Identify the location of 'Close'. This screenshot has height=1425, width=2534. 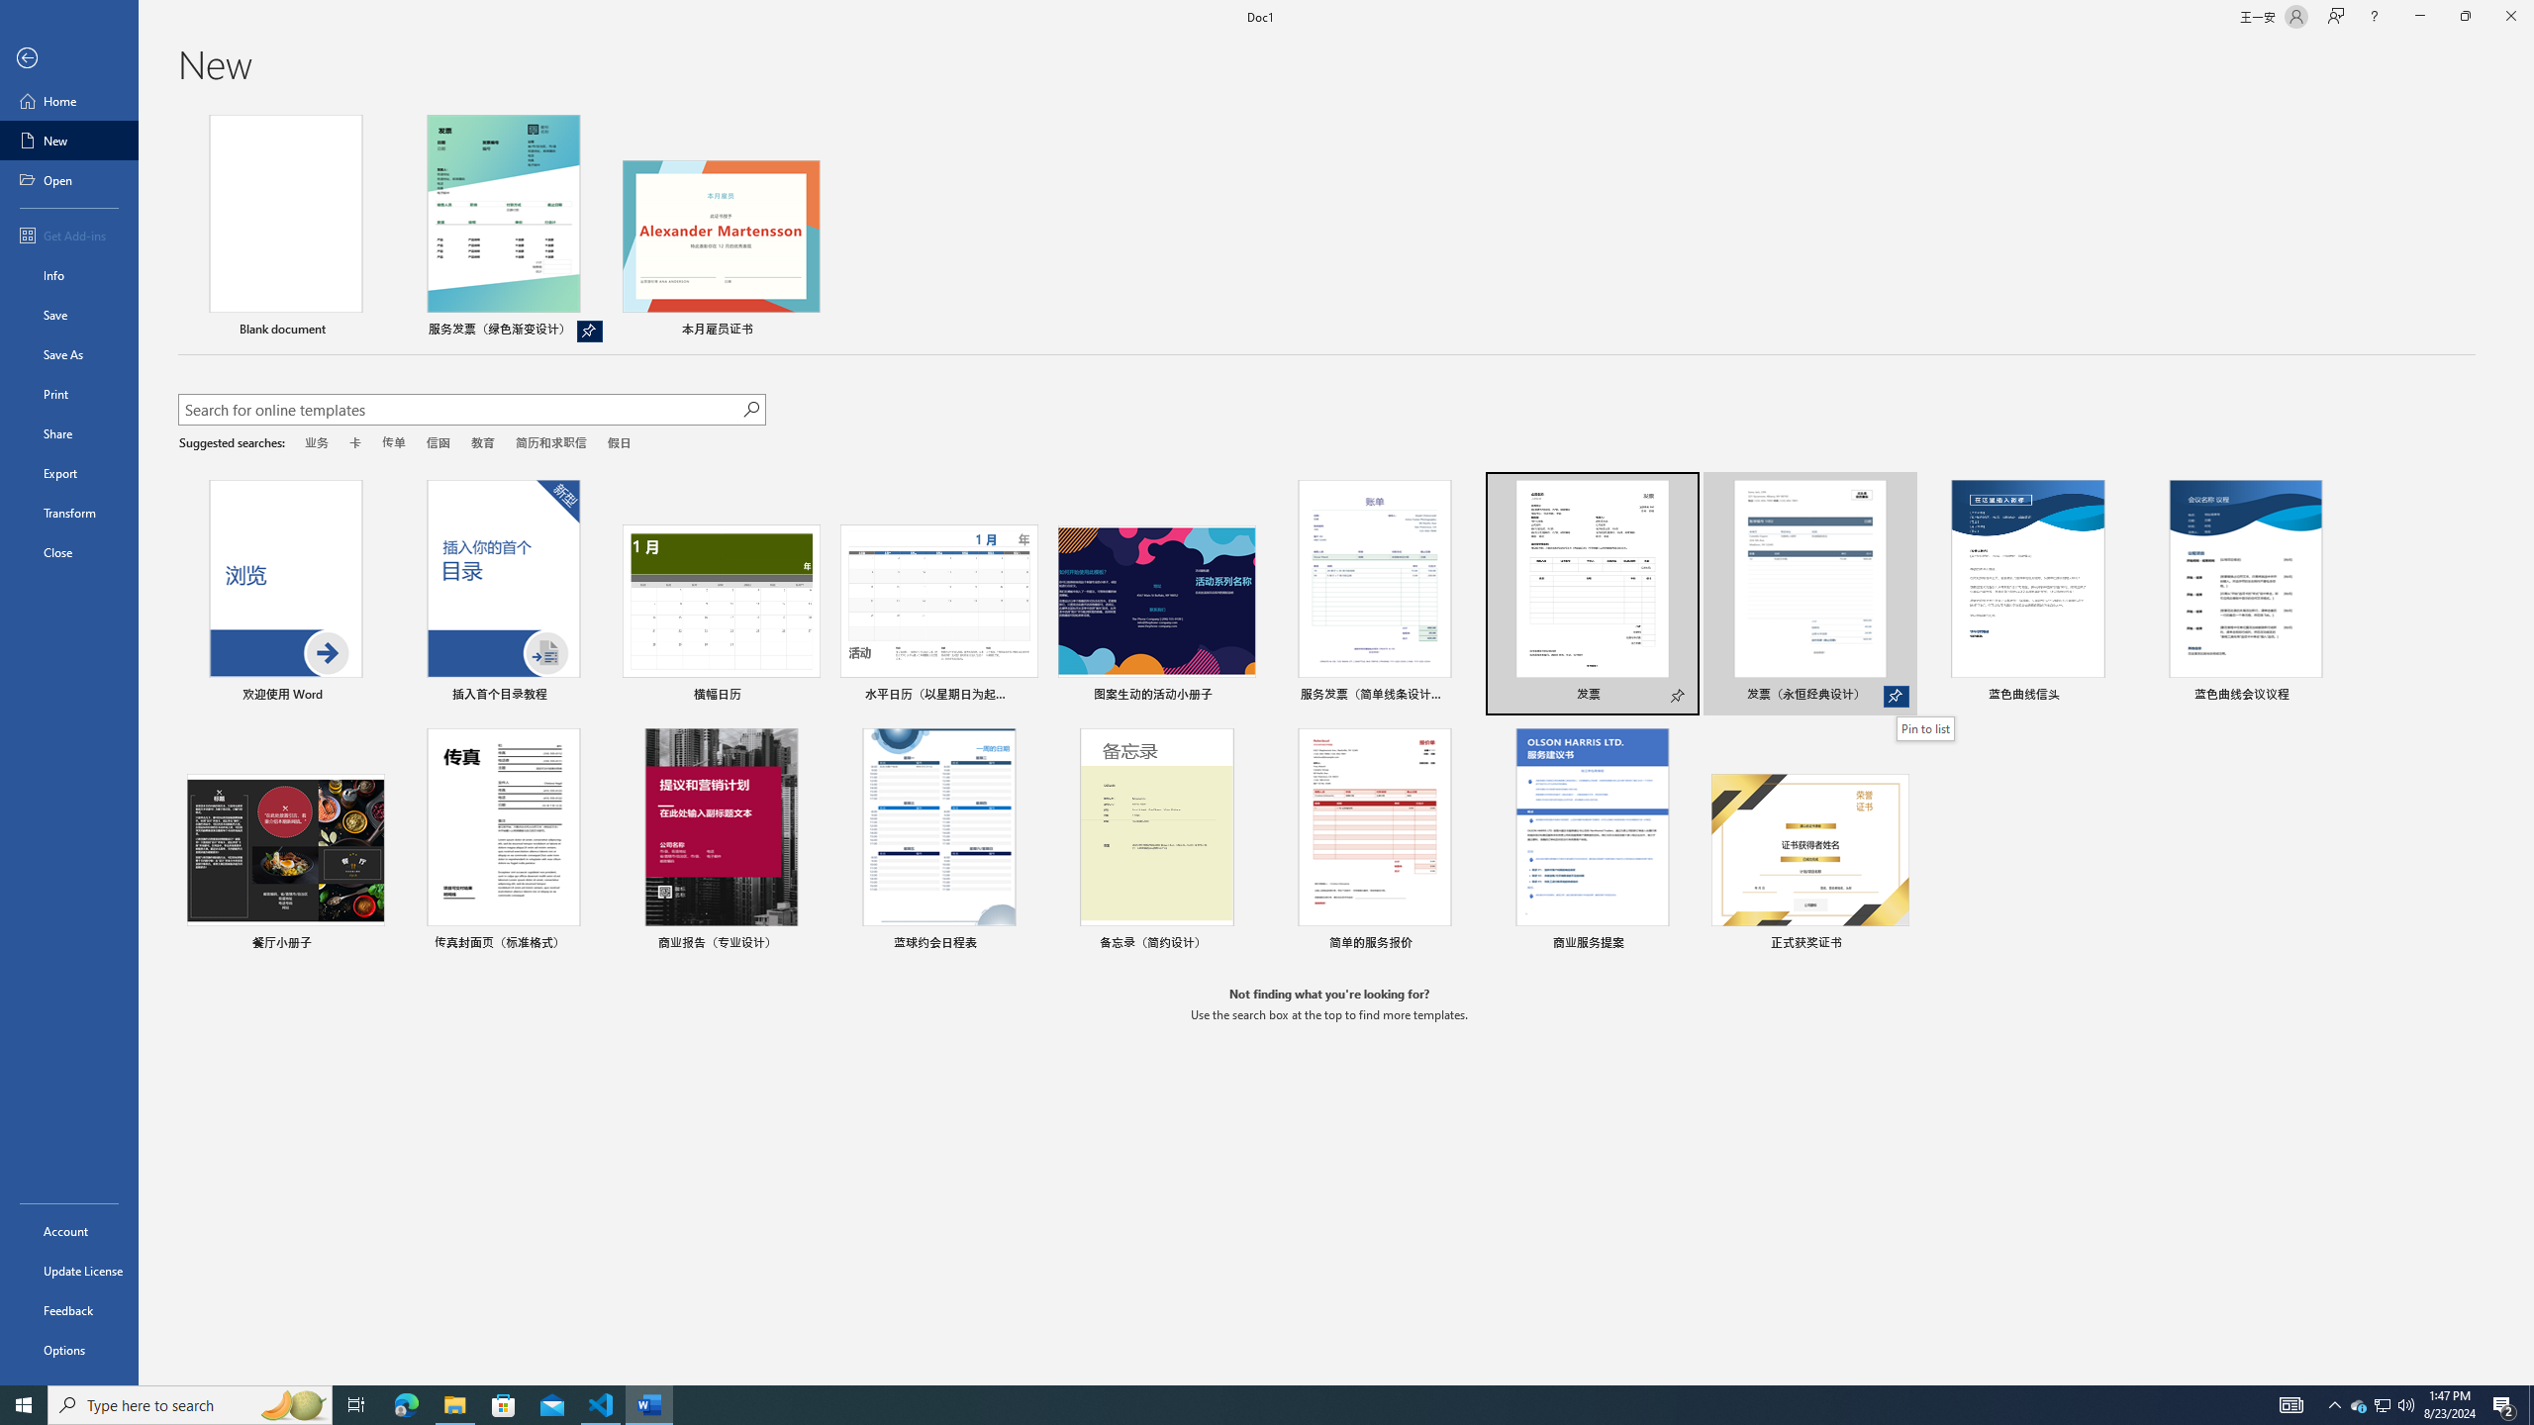
(68, 552).